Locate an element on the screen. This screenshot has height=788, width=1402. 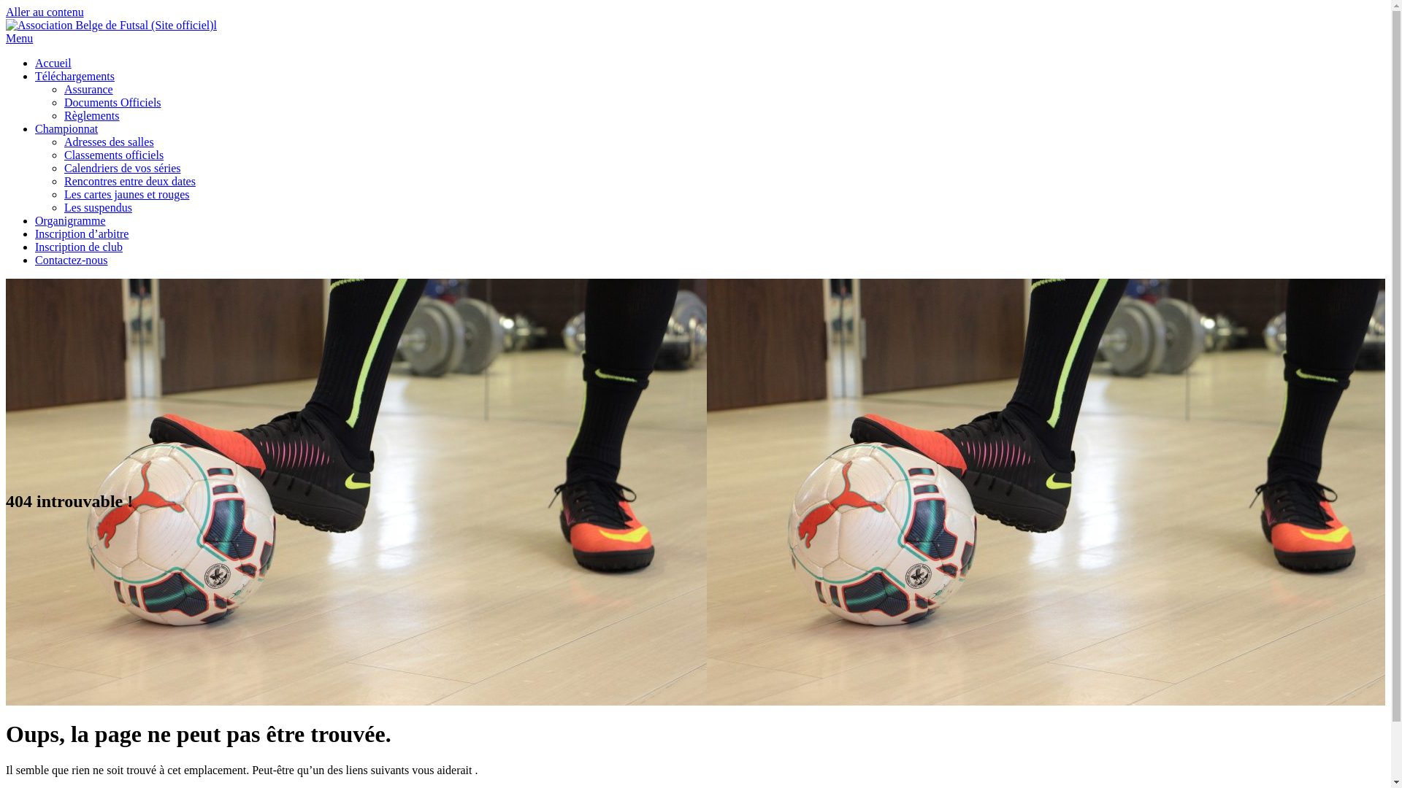
'Organigramme' is located at coordinates (69, 220).